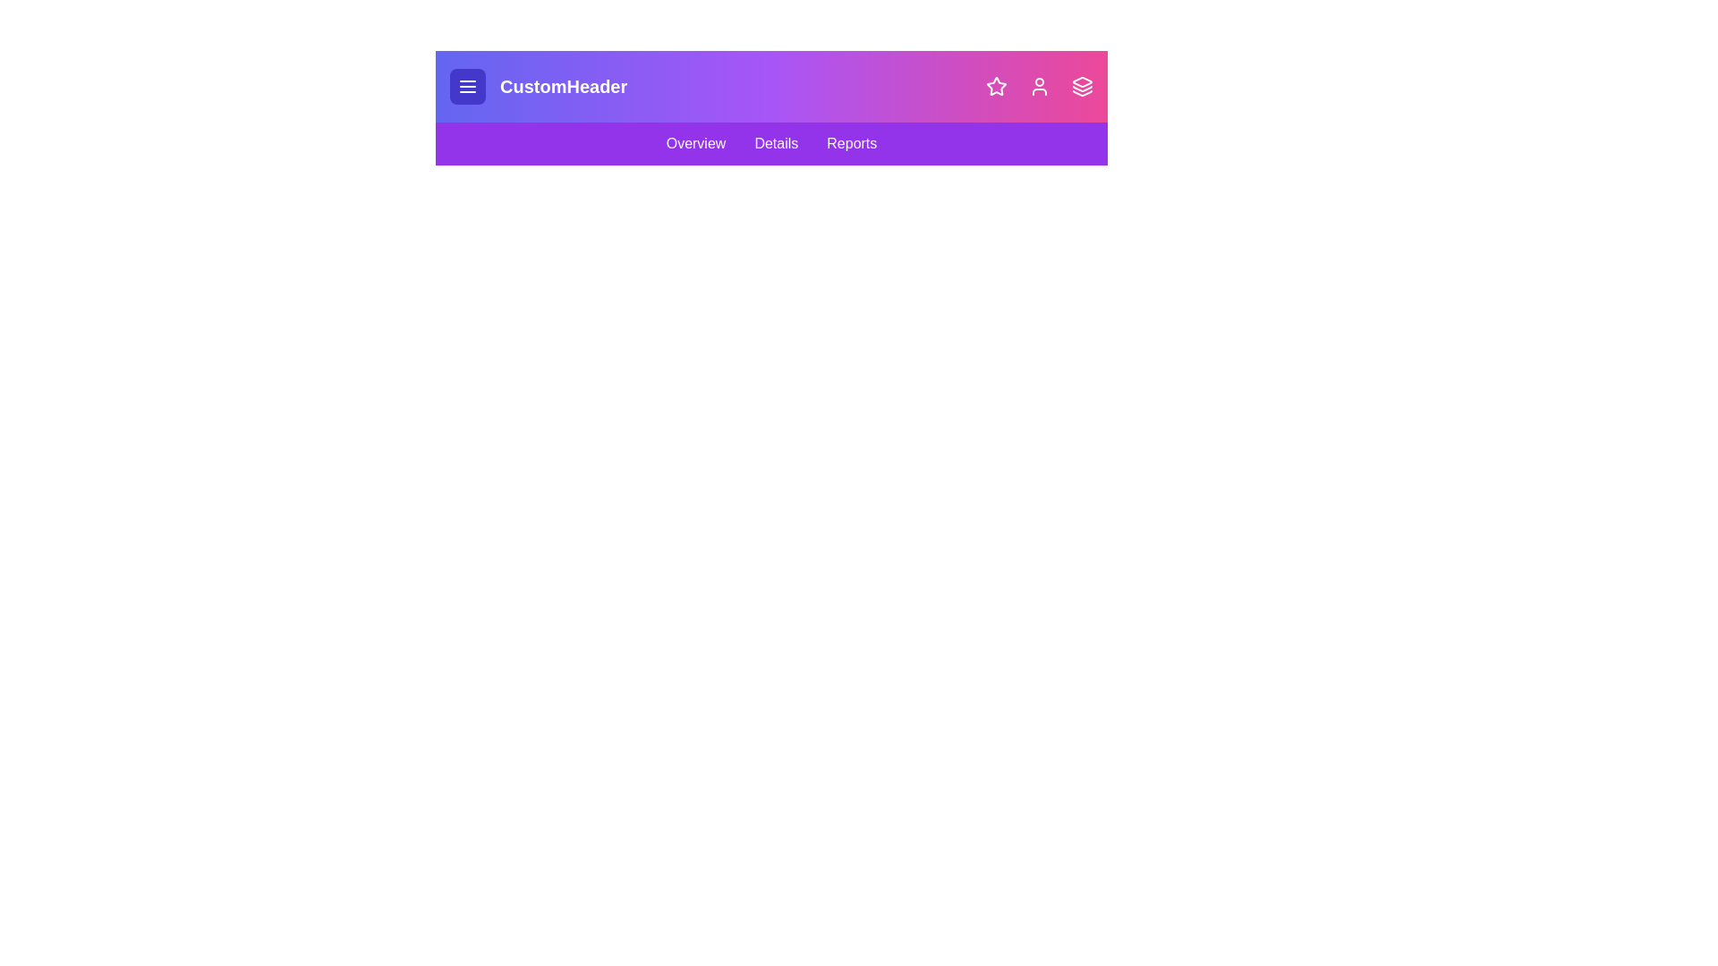 This screenshot has height=966, width=1718. I want to click on the user icon to open user-related actions, so click(1039, 86).